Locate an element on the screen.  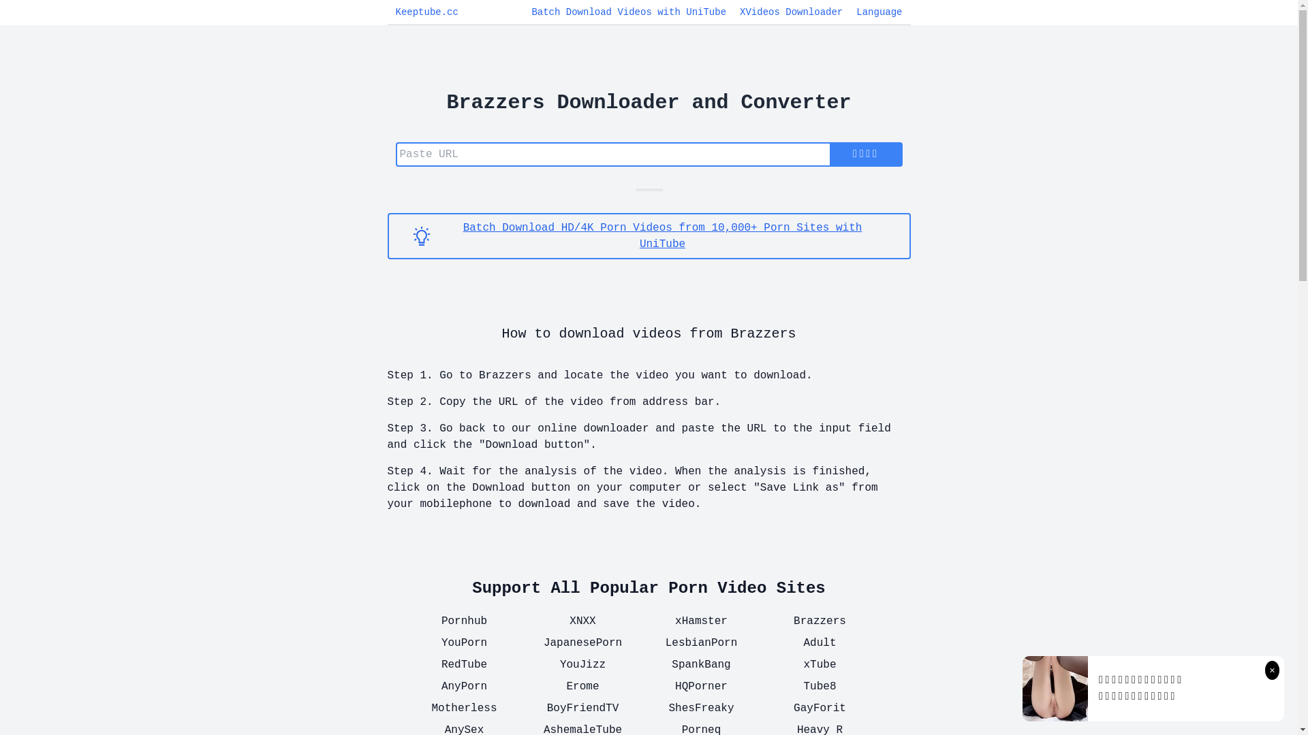
'YouJizz' is located at coordinates (582, 664).